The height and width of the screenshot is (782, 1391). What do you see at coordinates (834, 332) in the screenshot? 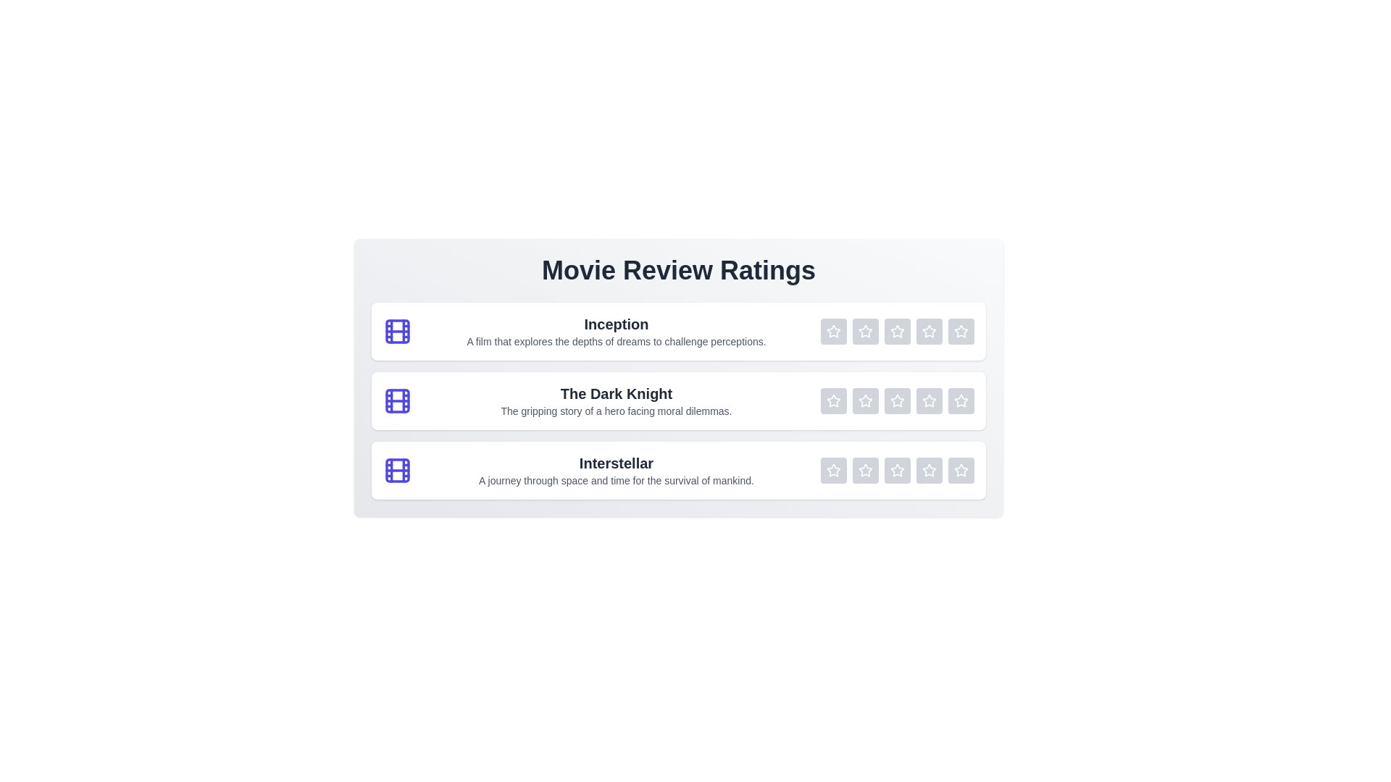
I see `the rating of a movie to 1 stars by clicking the corresponding star` at bounding box center [834, 332].